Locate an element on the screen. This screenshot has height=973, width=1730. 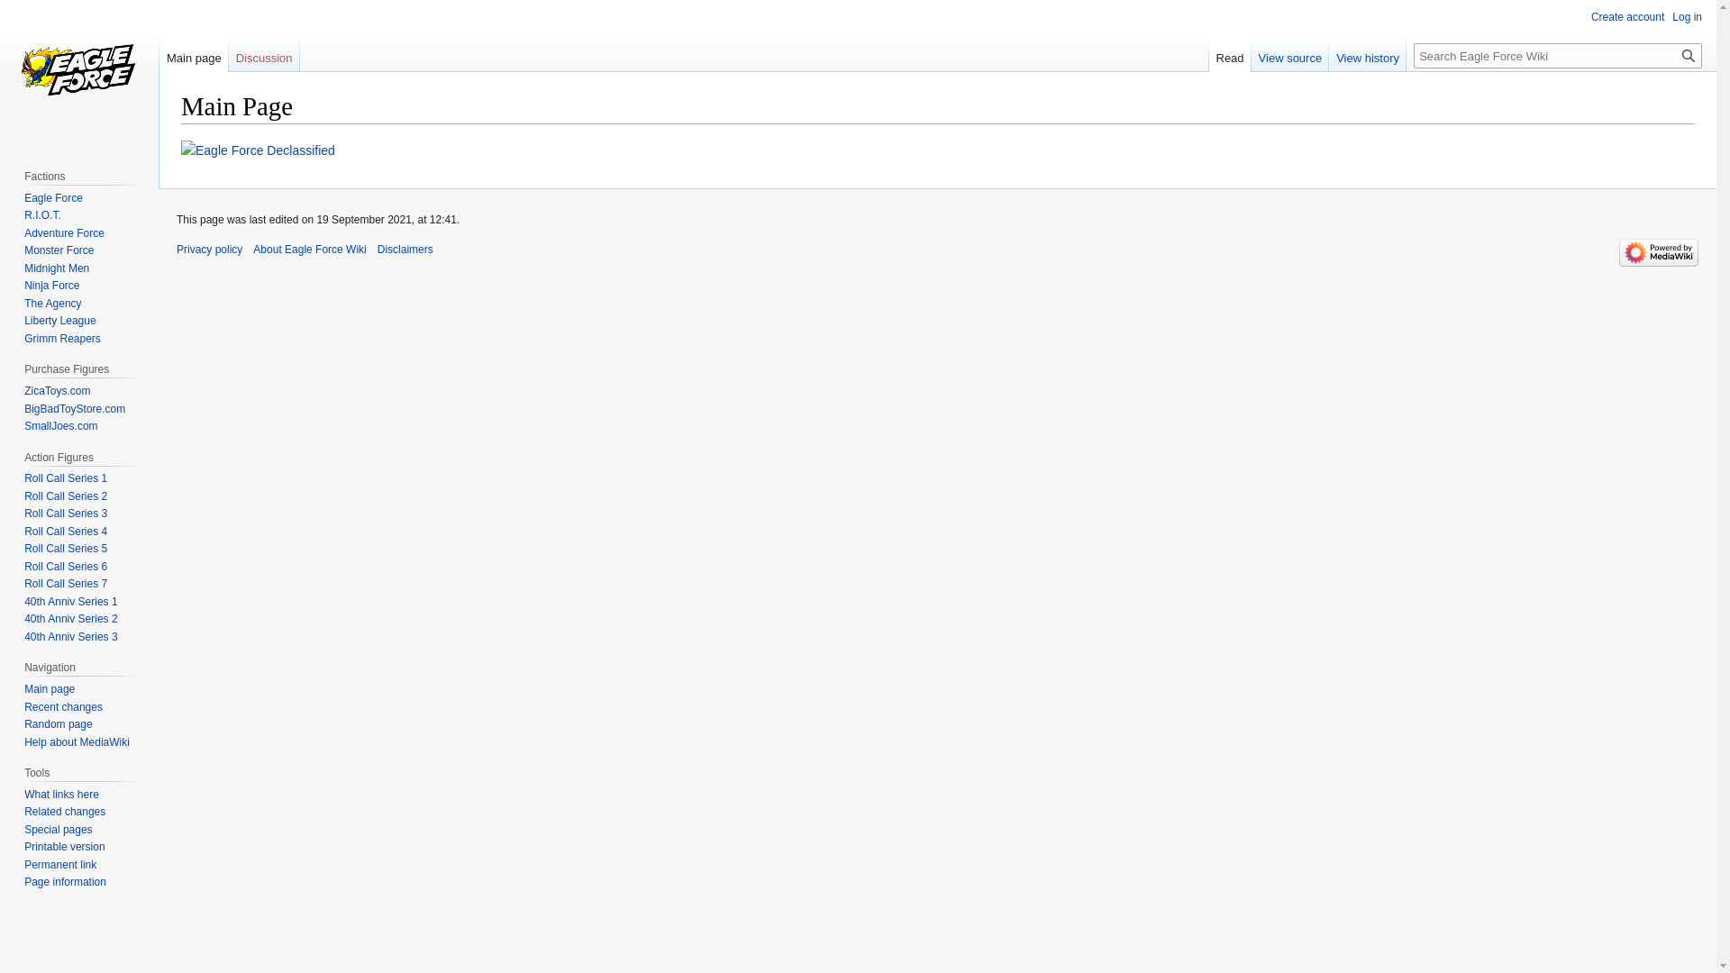
'Recent changes' is located at coordinates (63, 706).